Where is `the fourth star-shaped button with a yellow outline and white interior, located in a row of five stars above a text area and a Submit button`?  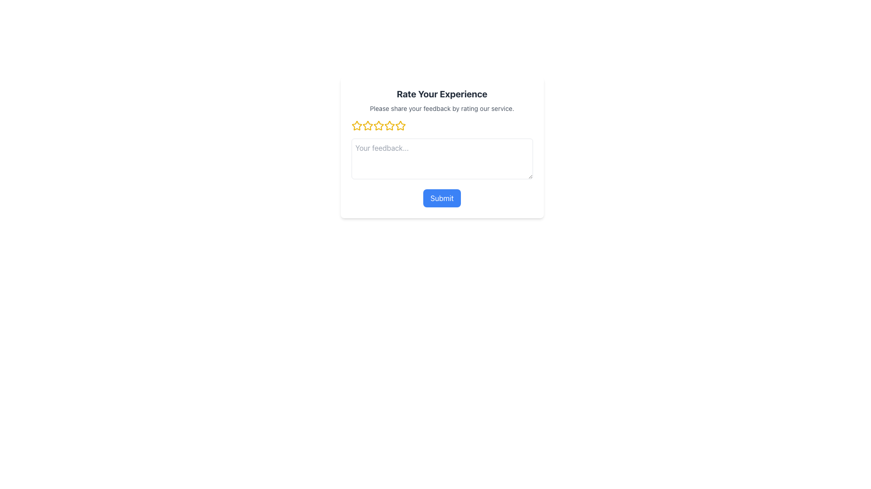 the fourth star-shaped button with a yellow outline and white interior, located in a row of five stars above a text area and a Submit button is located at coordinates (389, 125).